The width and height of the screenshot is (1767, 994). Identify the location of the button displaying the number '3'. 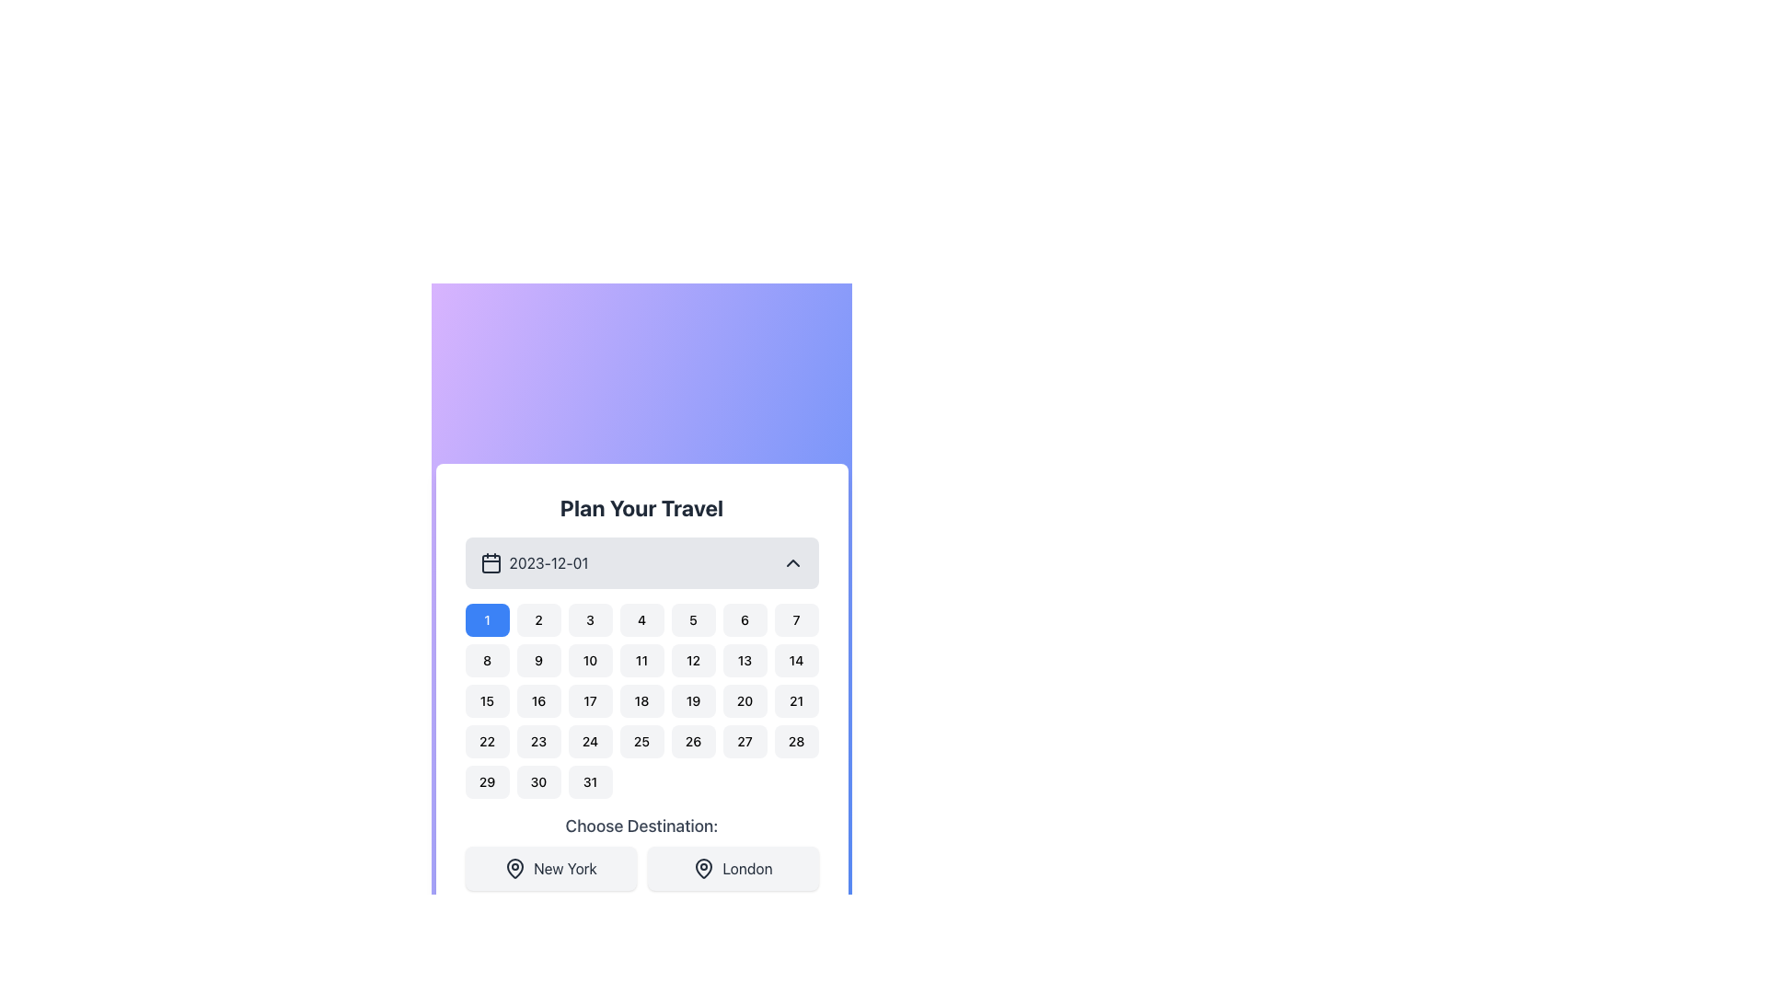
(590, 620).